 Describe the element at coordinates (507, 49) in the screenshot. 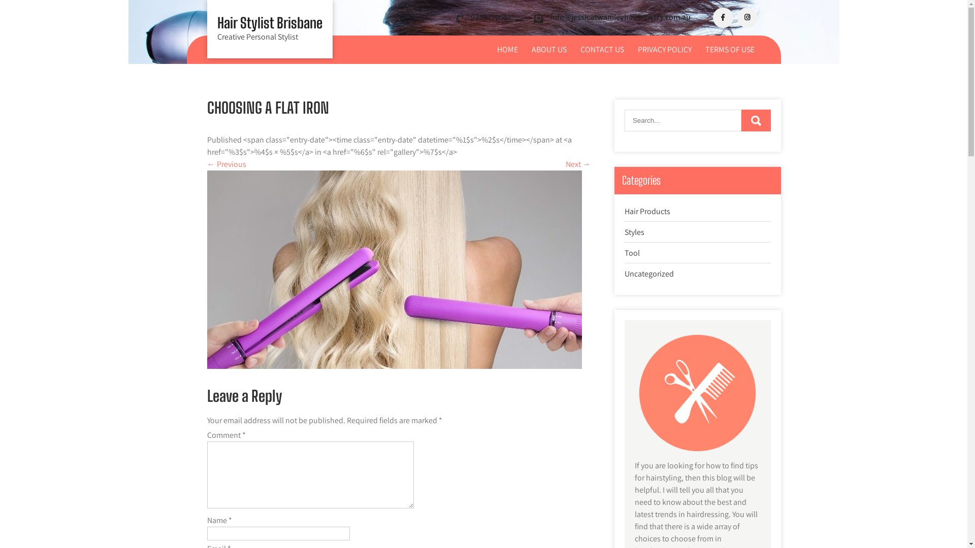

I see `'HOME'` at that location.